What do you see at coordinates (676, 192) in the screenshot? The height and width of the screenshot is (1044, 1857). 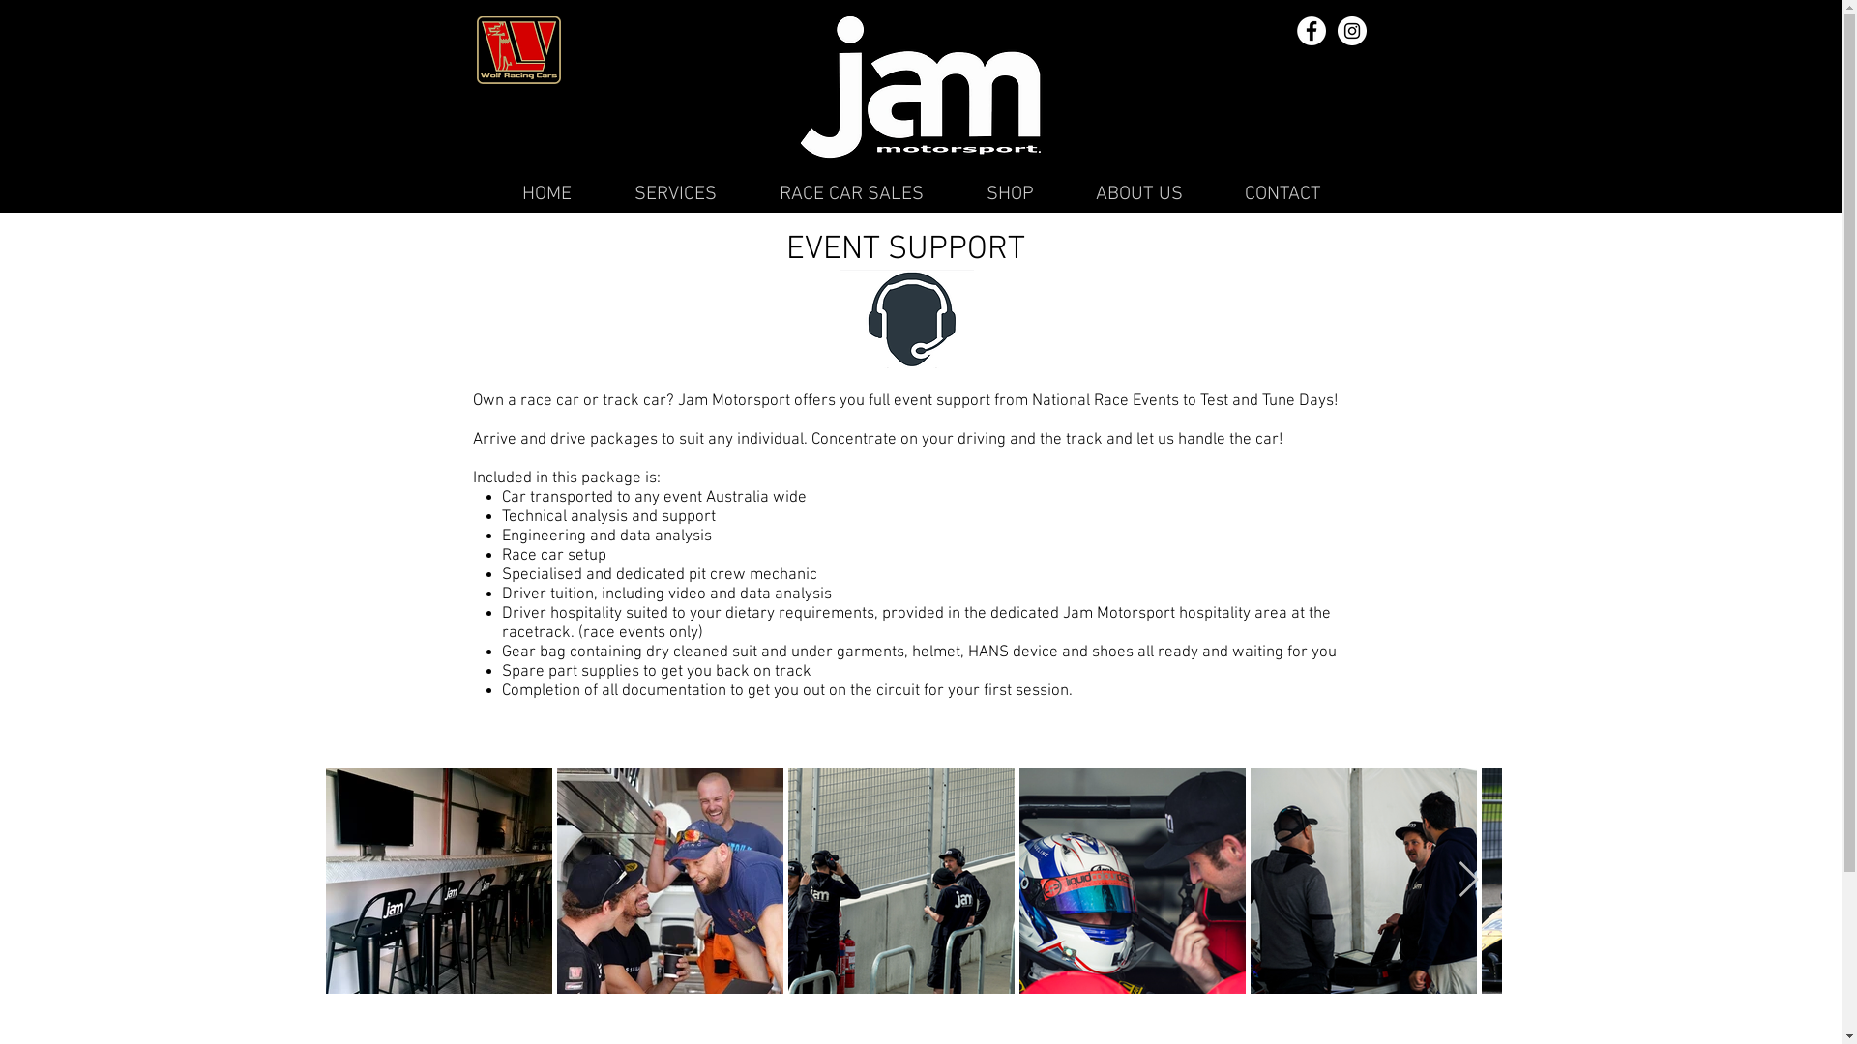 I see `'SERVICES'` at bounding box center [676, 192].